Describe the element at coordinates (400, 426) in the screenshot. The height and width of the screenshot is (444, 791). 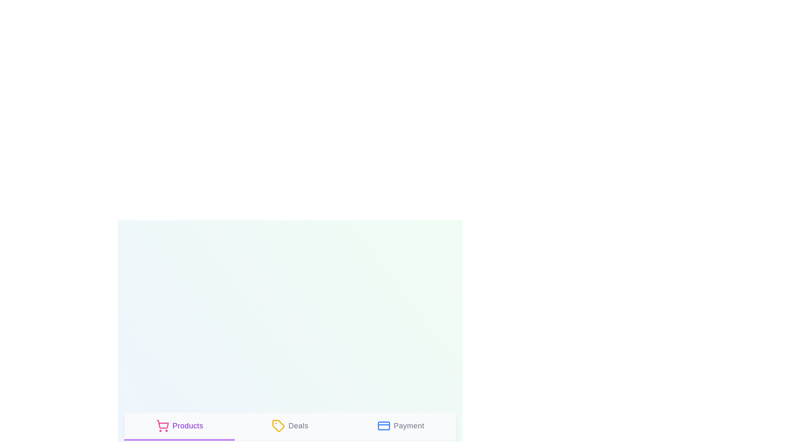
I see `the tab labeled Payment to view its description` at that location.